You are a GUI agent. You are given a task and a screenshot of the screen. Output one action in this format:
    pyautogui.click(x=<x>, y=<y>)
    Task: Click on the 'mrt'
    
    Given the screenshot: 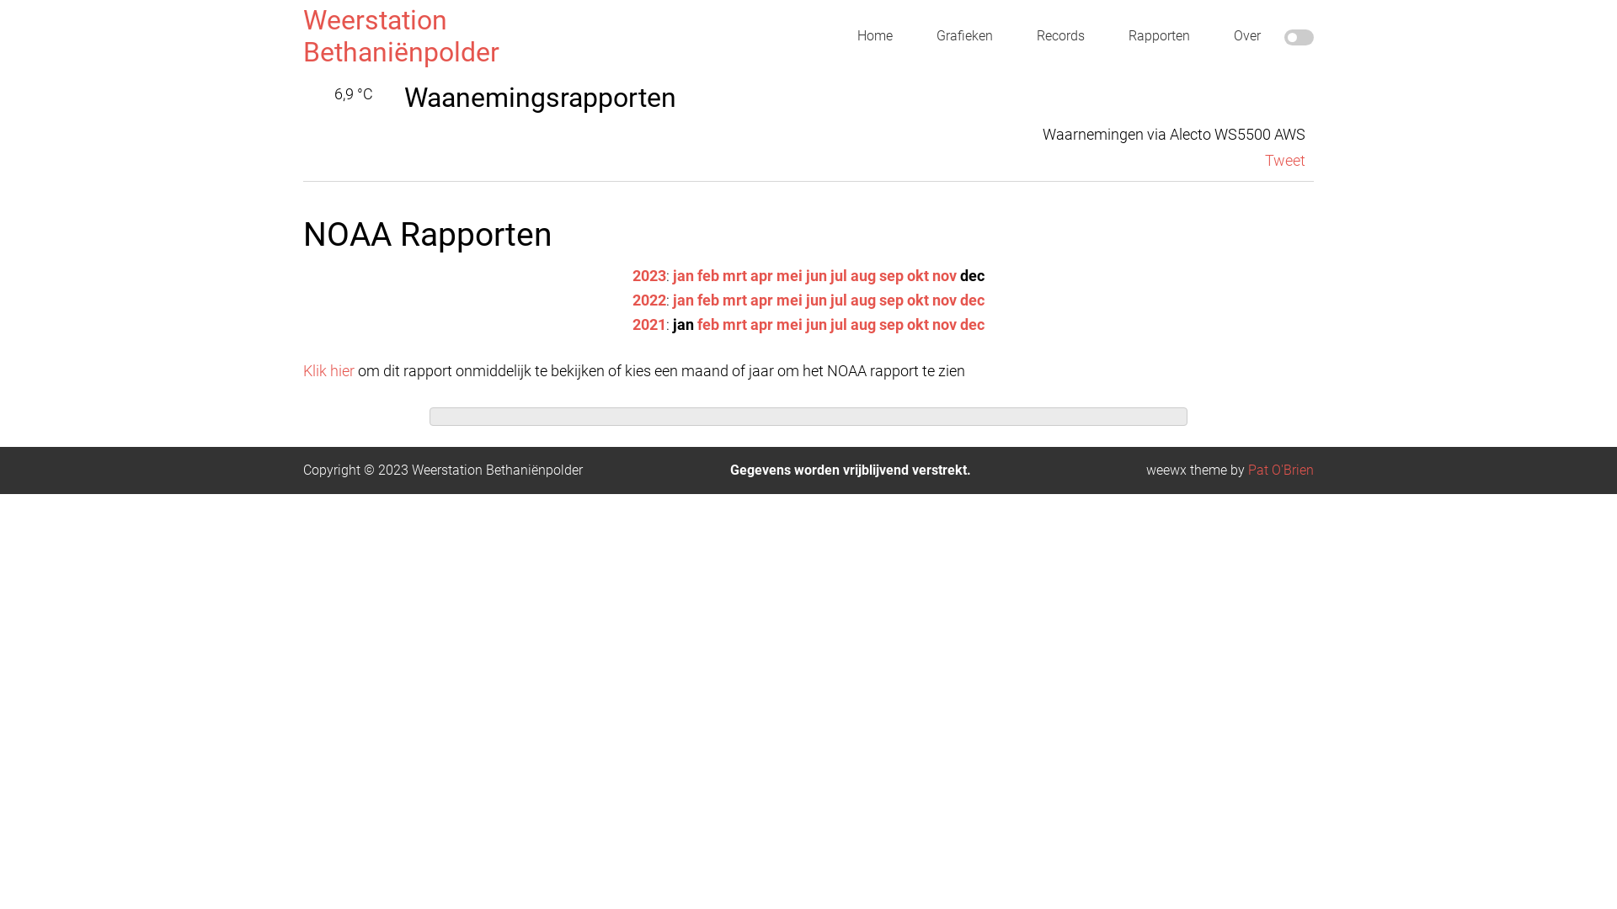 What is the action you would take?
    pyautogui.click(x=723, y=324)
    